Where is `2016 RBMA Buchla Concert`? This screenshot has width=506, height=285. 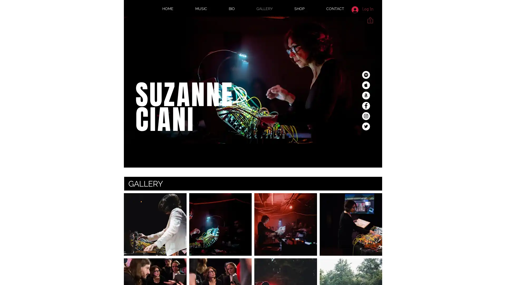
2016 RBMA Buchla Concert is located at coordinates (220, 224).